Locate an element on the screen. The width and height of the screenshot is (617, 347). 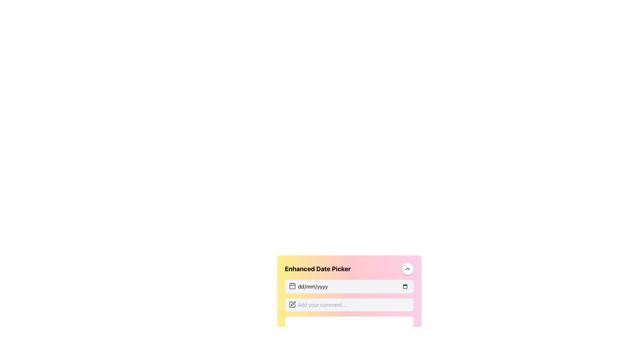
the body of the calendar icon, which is part of the graphical components indicating the associated date input field labeled 'dd/mm/yyyy' is located at coordinates (292, 286).